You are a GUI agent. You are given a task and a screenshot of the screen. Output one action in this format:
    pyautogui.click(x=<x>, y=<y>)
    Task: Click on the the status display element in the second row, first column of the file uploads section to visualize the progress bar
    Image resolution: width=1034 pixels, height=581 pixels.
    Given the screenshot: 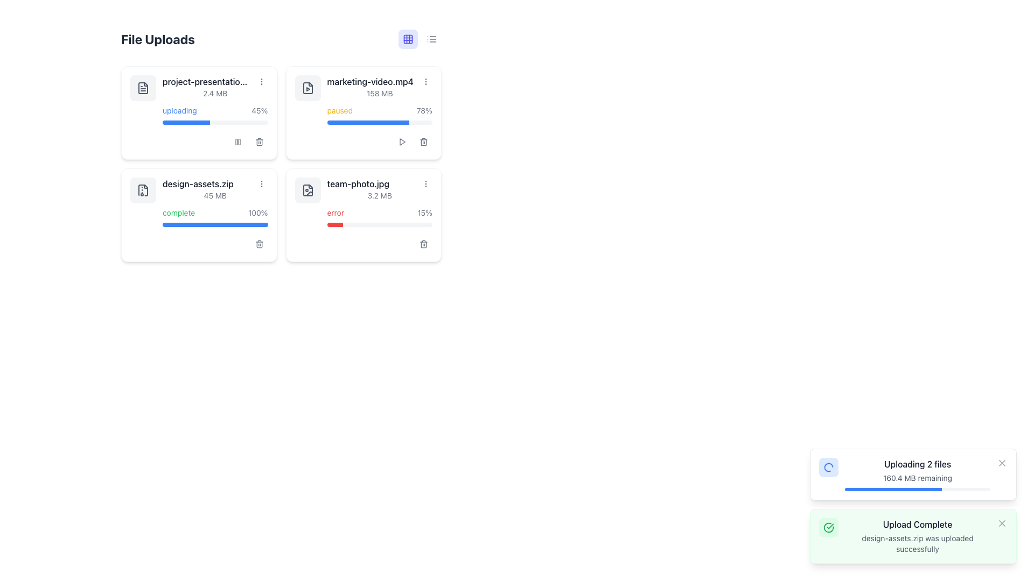 What is the action you would take?
    pyautogui.click(x=215, y=202)
    